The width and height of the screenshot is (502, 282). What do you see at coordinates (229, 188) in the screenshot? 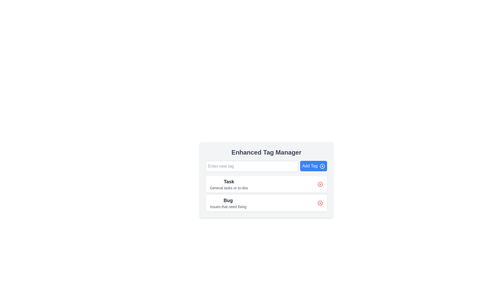
I see `the text element containing the phrase 'General tasks or to-dos', which is styled in a smaller gray font and located below the bolded text 'Task', serving as a description for the task item` at bounding box center [229, 188].